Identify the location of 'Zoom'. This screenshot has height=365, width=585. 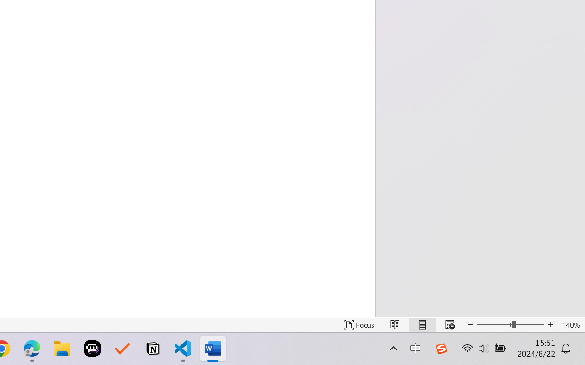
(510, 324).